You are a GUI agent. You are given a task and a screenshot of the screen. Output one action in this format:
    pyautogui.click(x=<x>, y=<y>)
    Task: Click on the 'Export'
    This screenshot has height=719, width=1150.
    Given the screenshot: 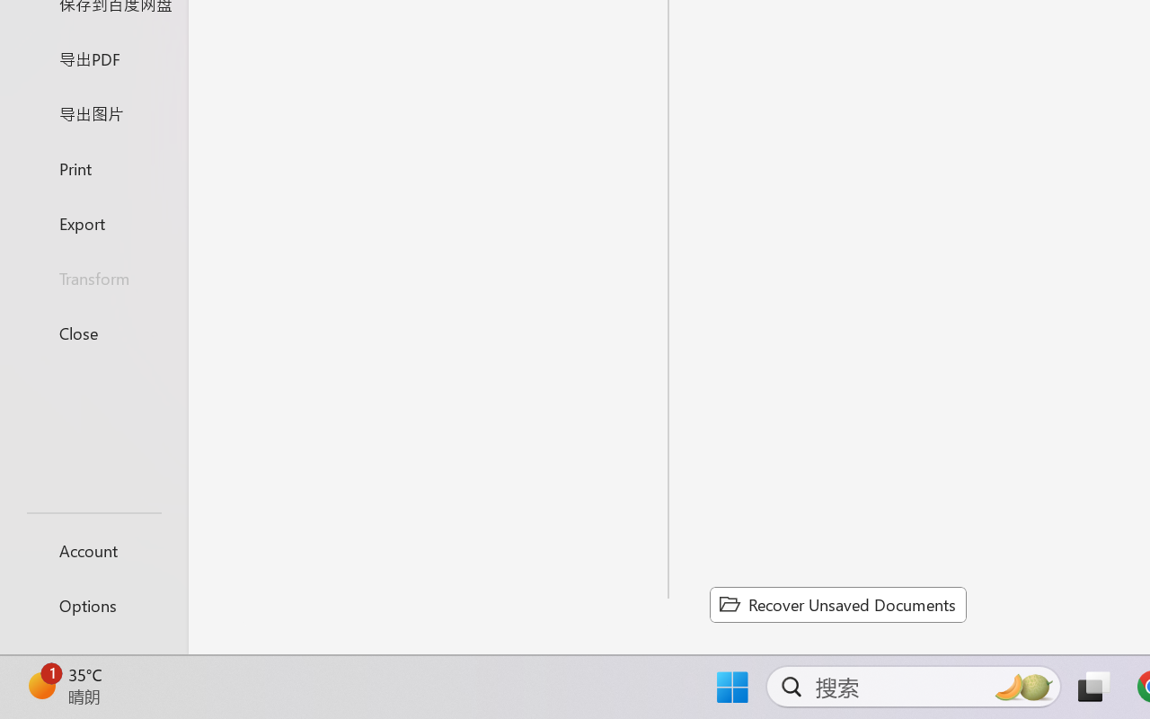 What is the action you would take?
    pyautogui.click(x=93, y=222)
    